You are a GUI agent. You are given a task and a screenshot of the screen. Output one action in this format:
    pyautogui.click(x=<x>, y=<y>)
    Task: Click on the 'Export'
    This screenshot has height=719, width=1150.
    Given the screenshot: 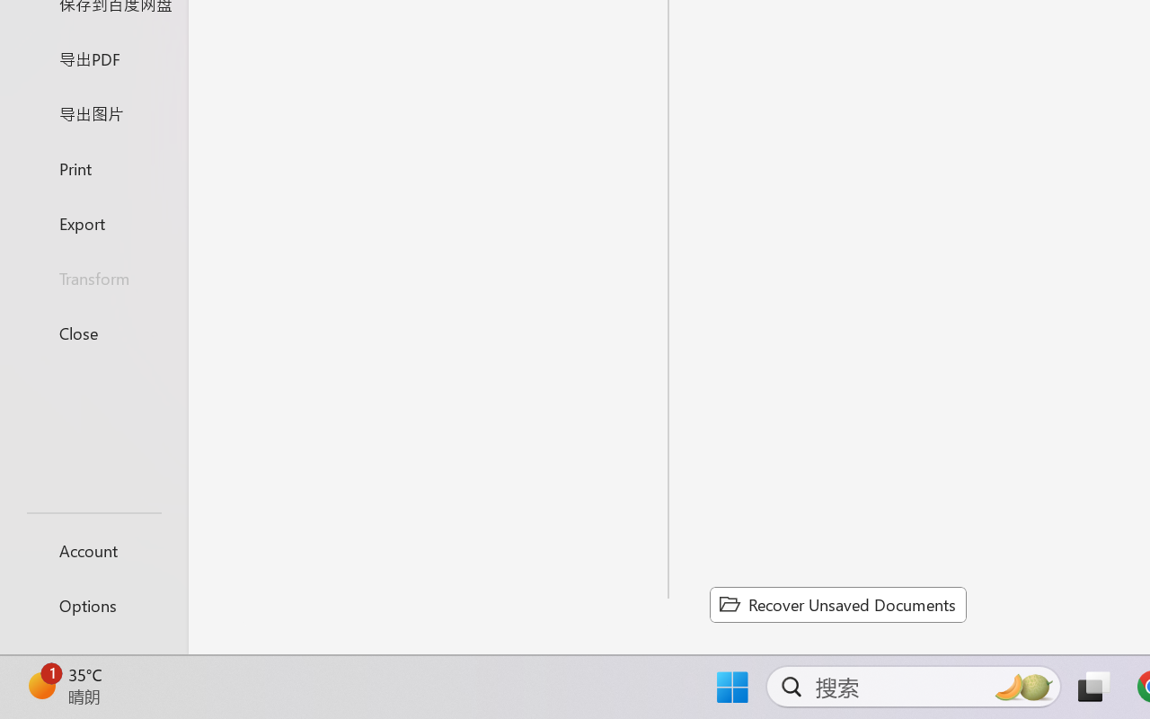 What is the action you would take?
    pyautogui.click(x=93, y=222)
    